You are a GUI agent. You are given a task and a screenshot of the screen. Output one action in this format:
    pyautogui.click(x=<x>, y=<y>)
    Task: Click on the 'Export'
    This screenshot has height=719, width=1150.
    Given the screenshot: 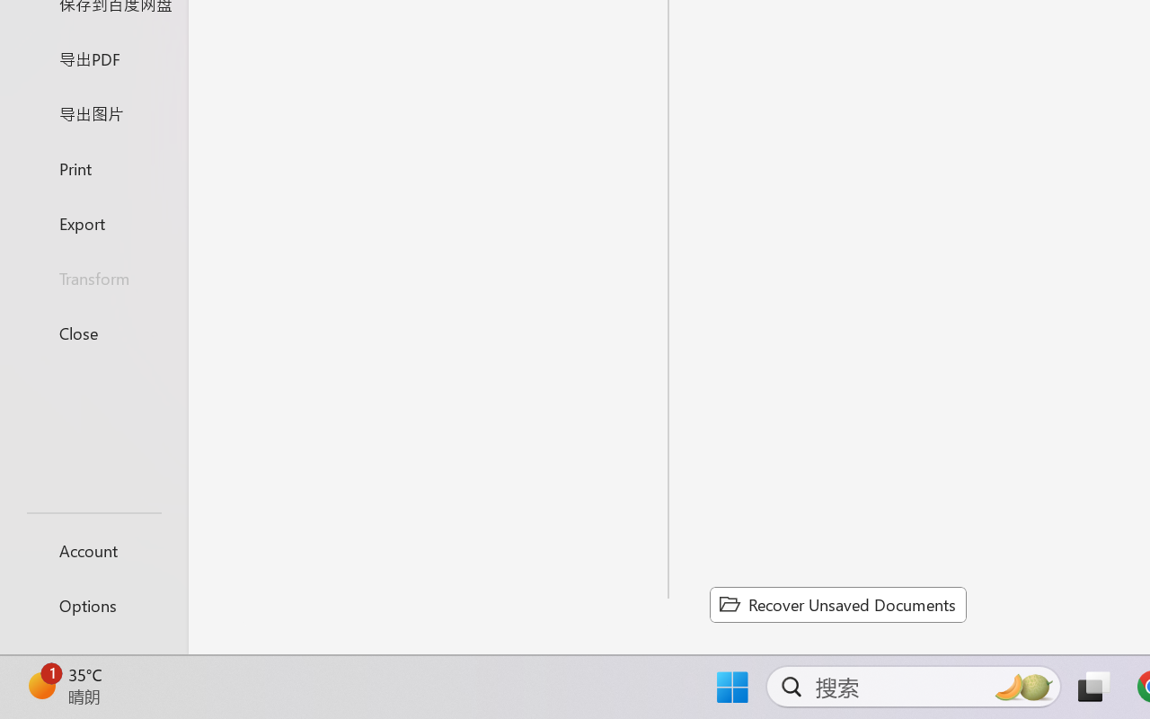 What is the action you would take?
    pyautogui.click(x=93, y=222)
    